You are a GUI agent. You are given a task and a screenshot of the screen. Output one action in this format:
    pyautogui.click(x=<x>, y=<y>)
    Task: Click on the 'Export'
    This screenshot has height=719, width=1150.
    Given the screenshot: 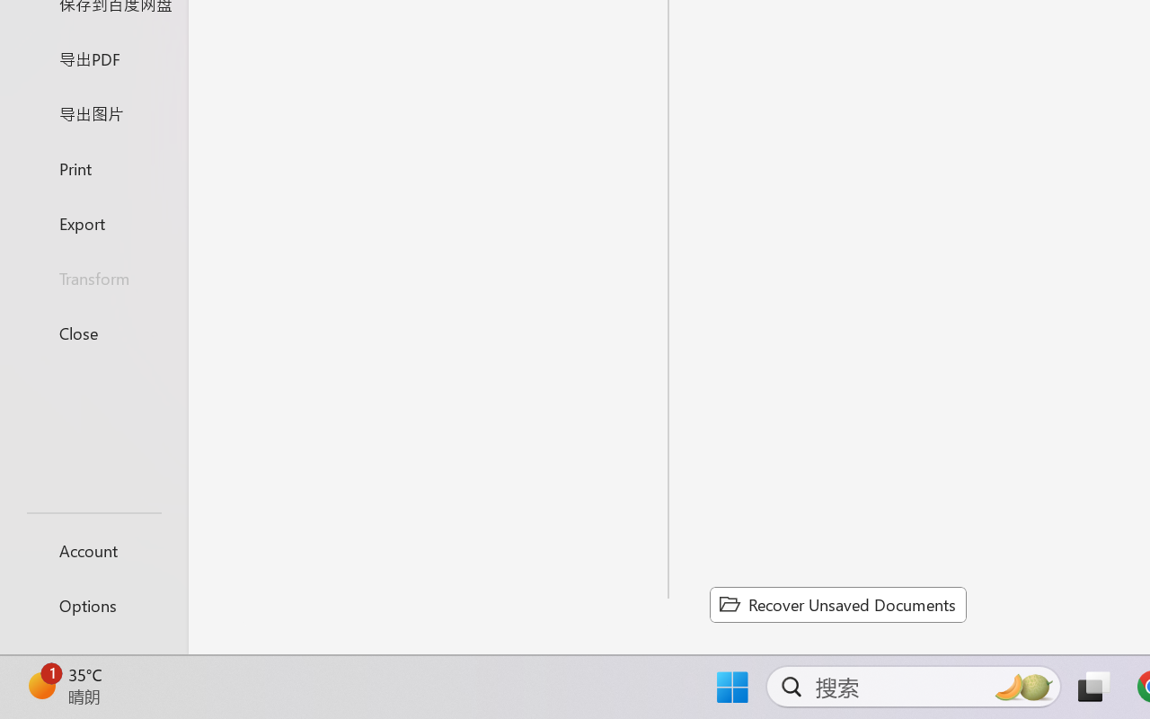 What is the action you would take?
    pyautogui.click(x=93, y=222)
    